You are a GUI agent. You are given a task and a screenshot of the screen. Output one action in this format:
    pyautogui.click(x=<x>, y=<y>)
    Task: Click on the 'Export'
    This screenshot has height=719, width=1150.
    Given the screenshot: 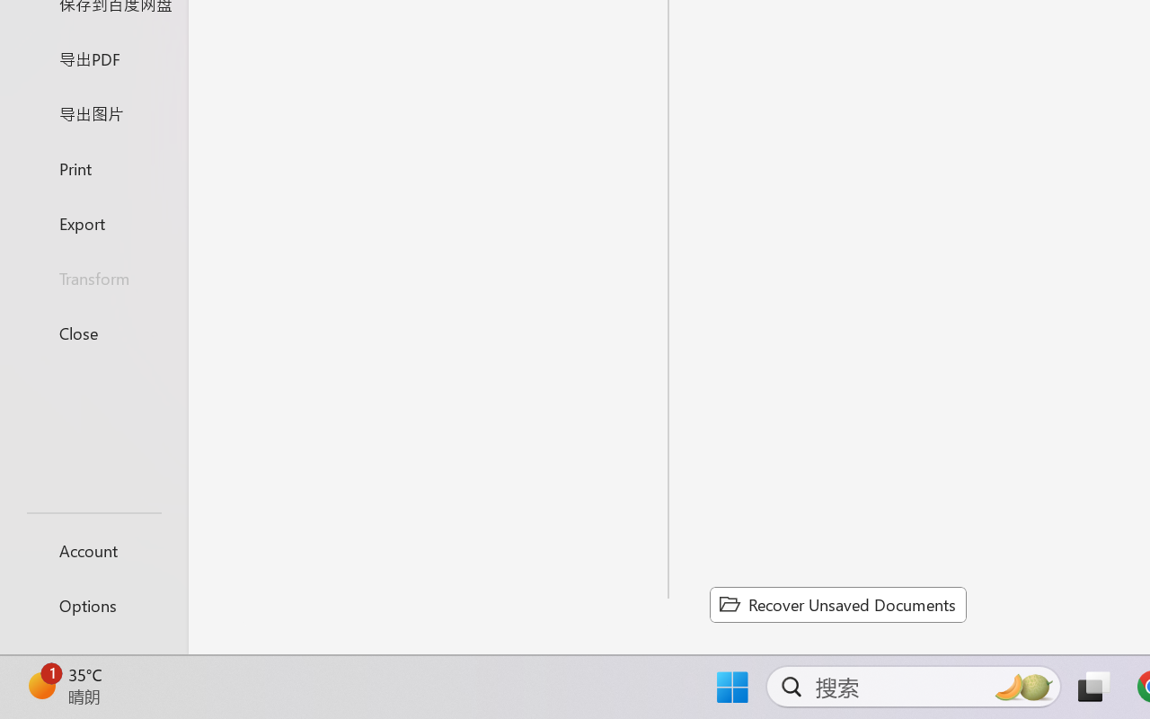 What is the action you would take?
    pyautogui.click(x=93, y=222)
    